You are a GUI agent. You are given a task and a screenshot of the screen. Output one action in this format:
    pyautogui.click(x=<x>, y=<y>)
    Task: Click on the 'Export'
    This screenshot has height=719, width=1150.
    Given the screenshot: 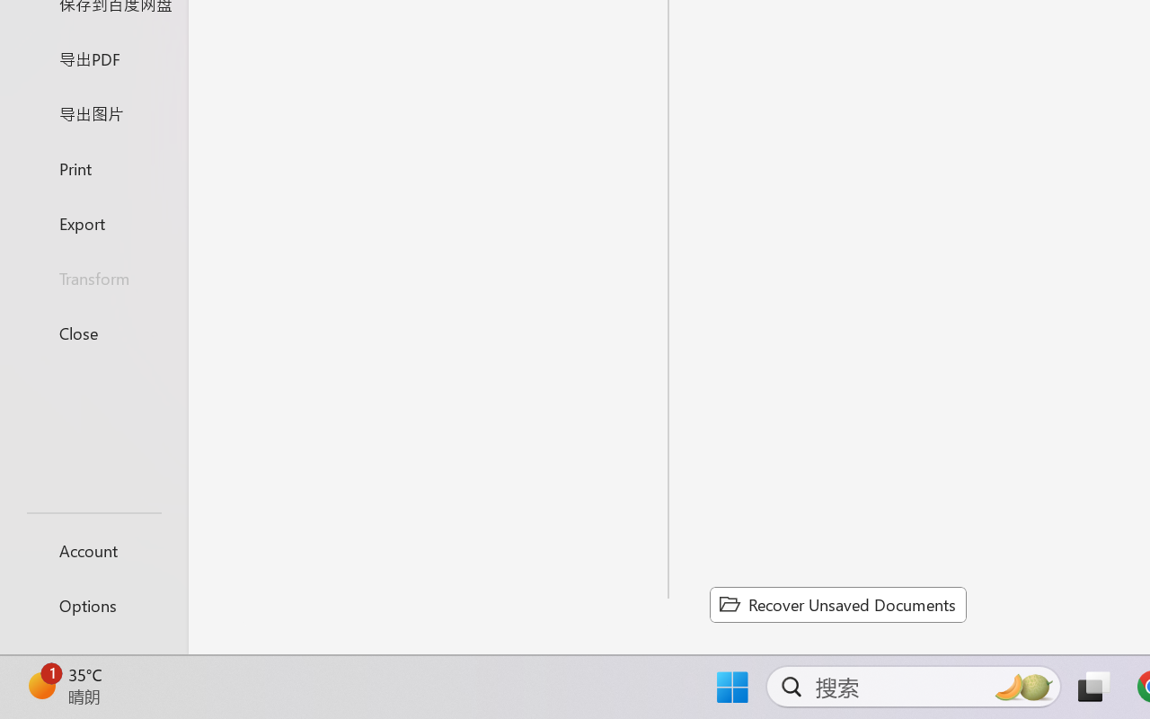 What is the action you would take?
    pyautogui.click(x=93, y=222)
    